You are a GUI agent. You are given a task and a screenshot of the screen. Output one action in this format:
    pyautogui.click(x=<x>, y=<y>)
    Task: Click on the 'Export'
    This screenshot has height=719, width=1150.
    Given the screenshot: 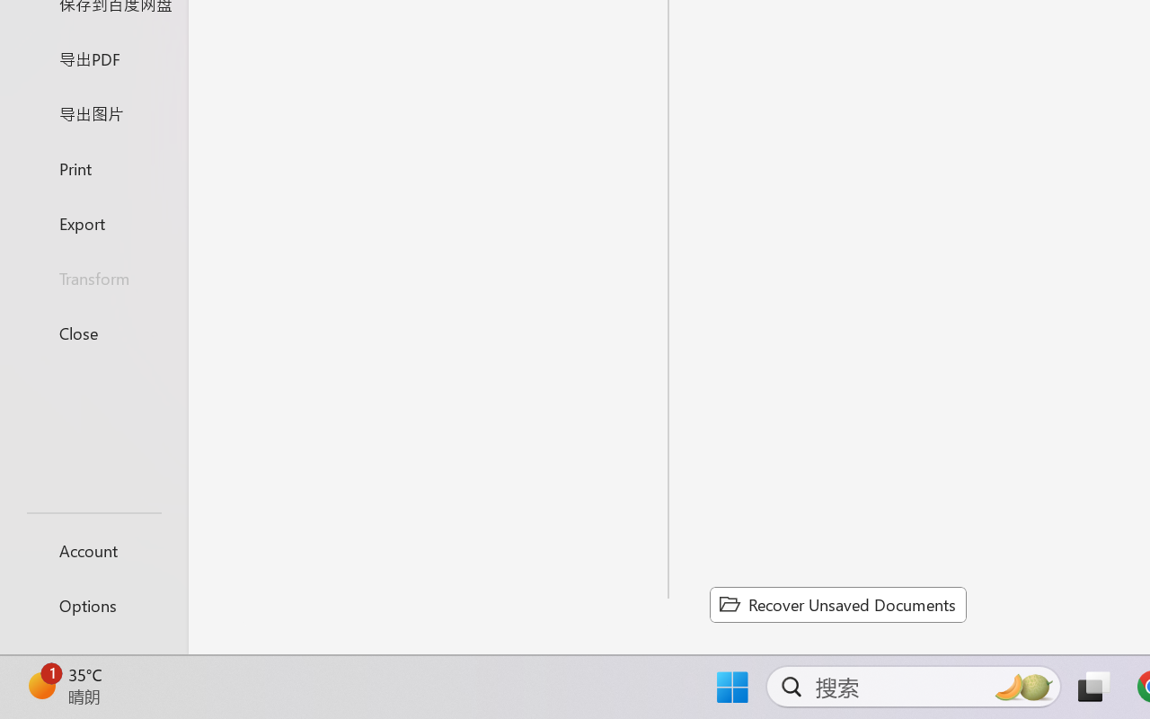 What is the action you would take?
    pyautogui.click(x=93, y=222)
    